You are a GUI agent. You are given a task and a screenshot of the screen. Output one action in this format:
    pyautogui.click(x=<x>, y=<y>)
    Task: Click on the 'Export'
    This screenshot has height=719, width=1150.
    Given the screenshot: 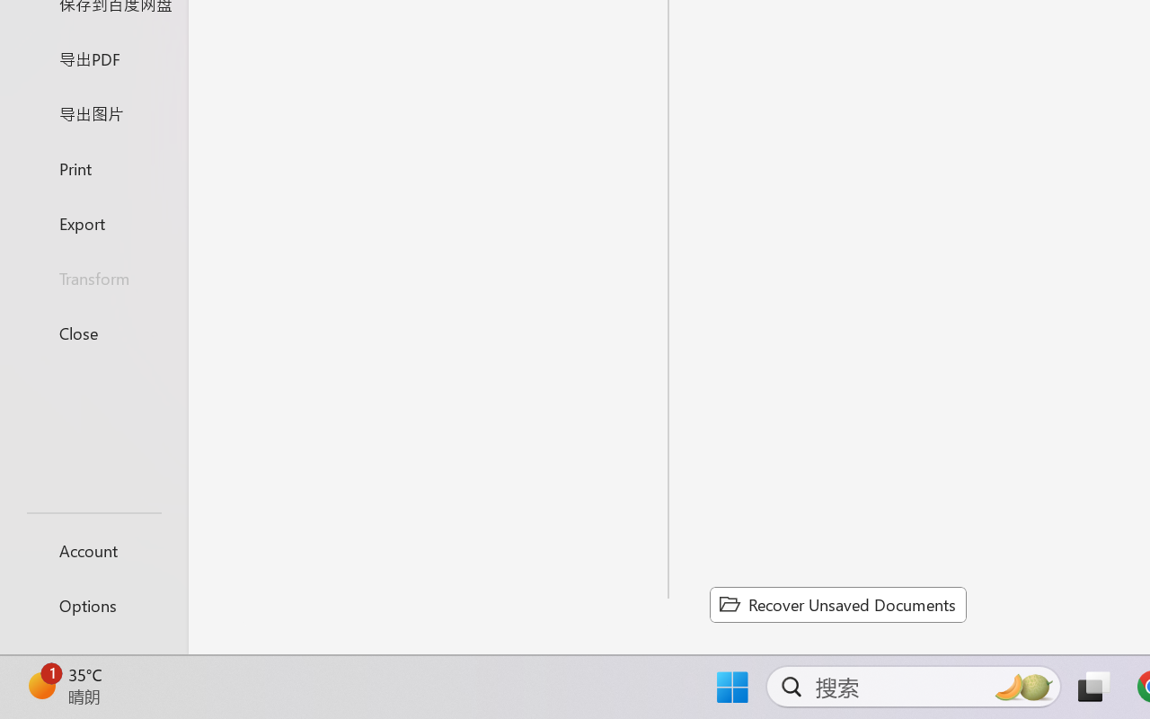 What is the action you would take?
    pyautogui.click(x=93, y=222)
    